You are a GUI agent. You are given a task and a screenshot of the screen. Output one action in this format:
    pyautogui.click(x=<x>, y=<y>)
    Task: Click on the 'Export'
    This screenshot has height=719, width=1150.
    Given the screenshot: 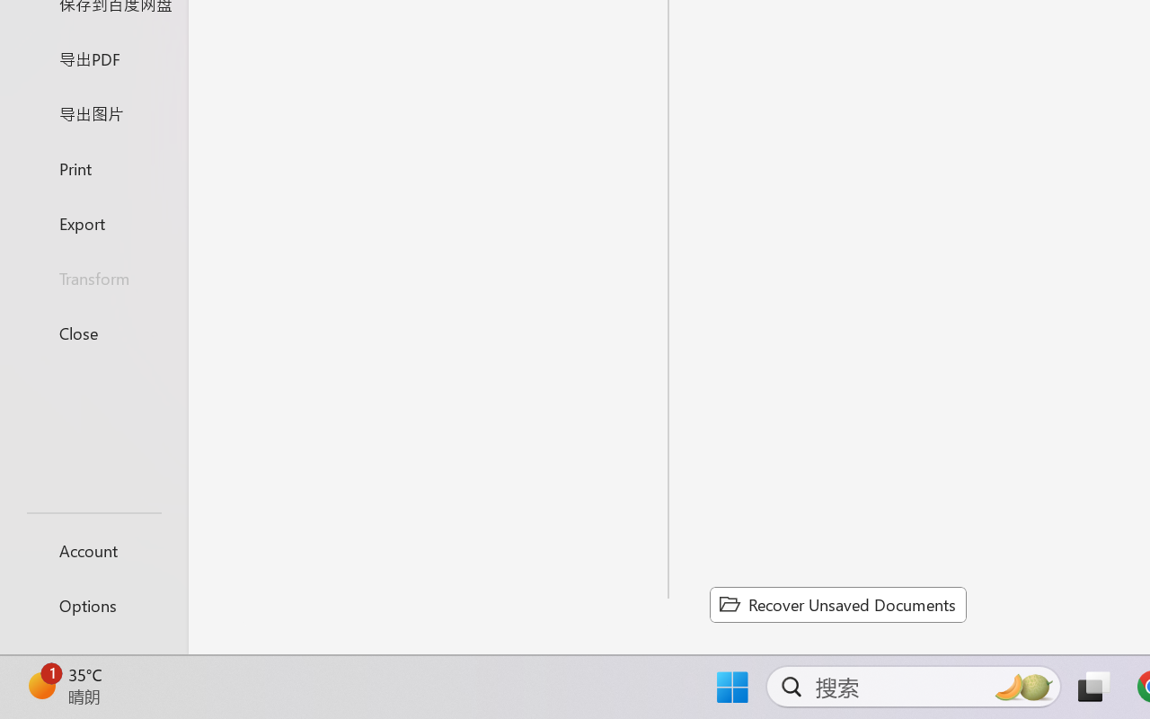 What is the action you would take?
    pyautogui.click(x=93, y=222)
    